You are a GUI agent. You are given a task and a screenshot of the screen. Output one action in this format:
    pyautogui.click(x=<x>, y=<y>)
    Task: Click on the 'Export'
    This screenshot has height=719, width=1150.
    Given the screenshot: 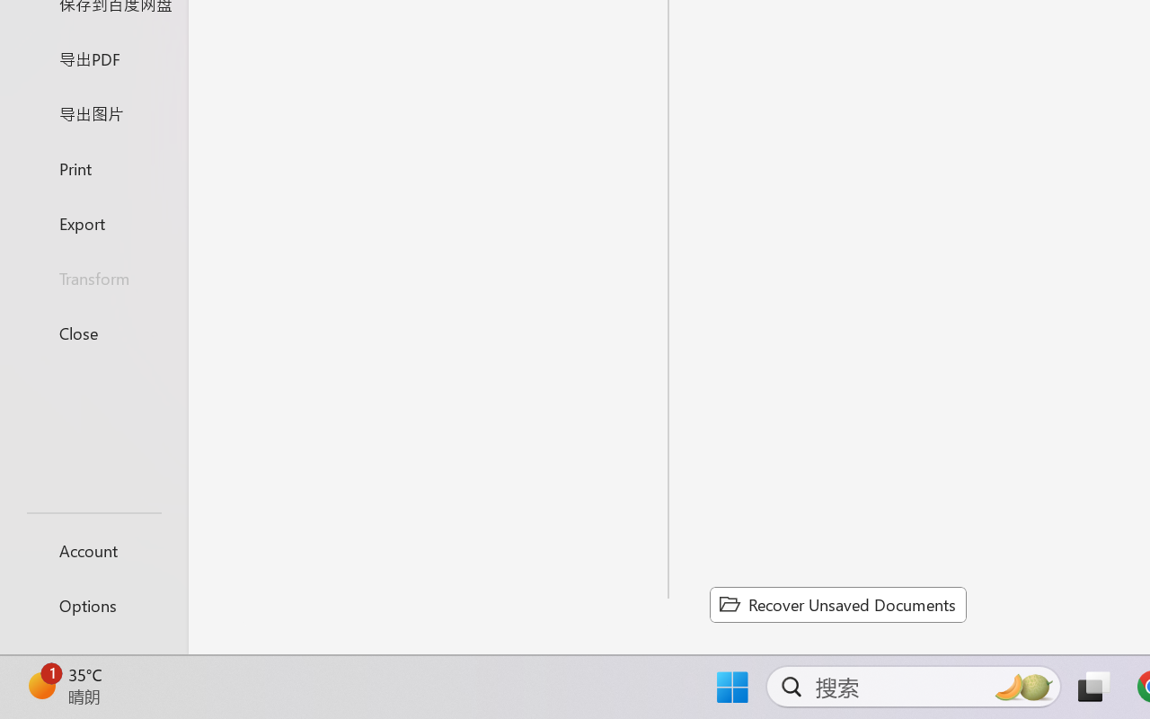 What is the action you would take?
    pyautogui.click(x=93, y=222)
    